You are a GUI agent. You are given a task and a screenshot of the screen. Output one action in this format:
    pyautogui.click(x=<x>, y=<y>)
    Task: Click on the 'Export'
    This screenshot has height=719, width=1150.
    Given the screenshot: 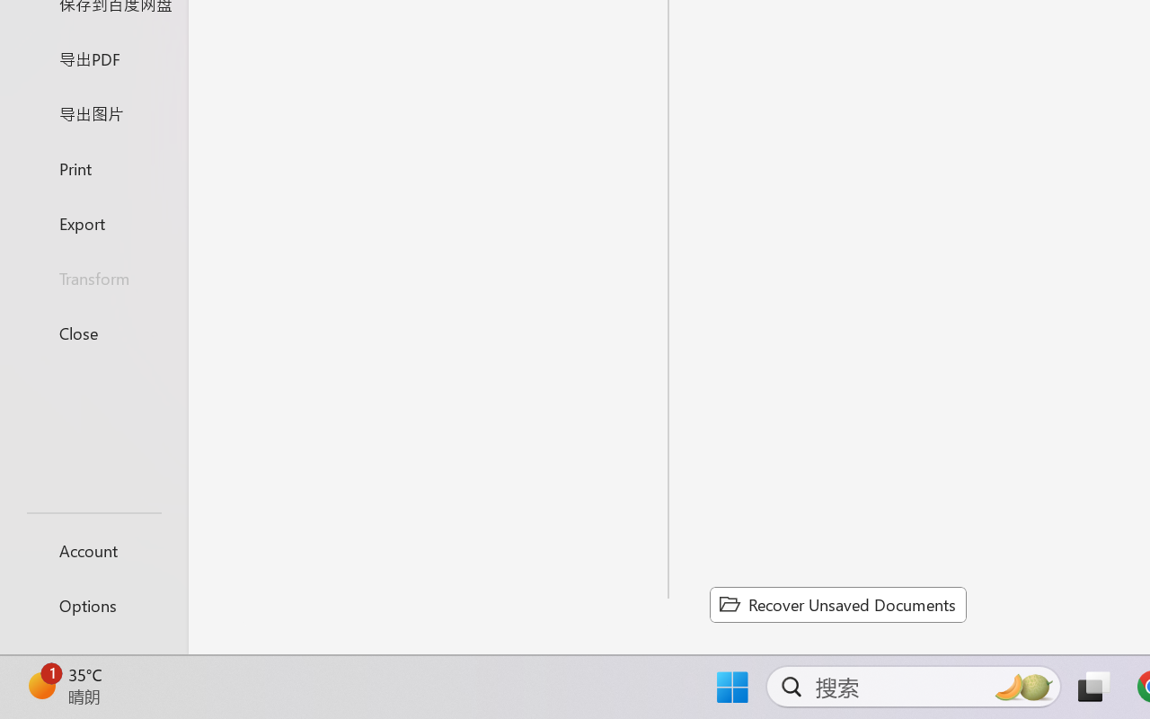 What is the action you would take?
    pyautogui.click(x=93, y=222)
    